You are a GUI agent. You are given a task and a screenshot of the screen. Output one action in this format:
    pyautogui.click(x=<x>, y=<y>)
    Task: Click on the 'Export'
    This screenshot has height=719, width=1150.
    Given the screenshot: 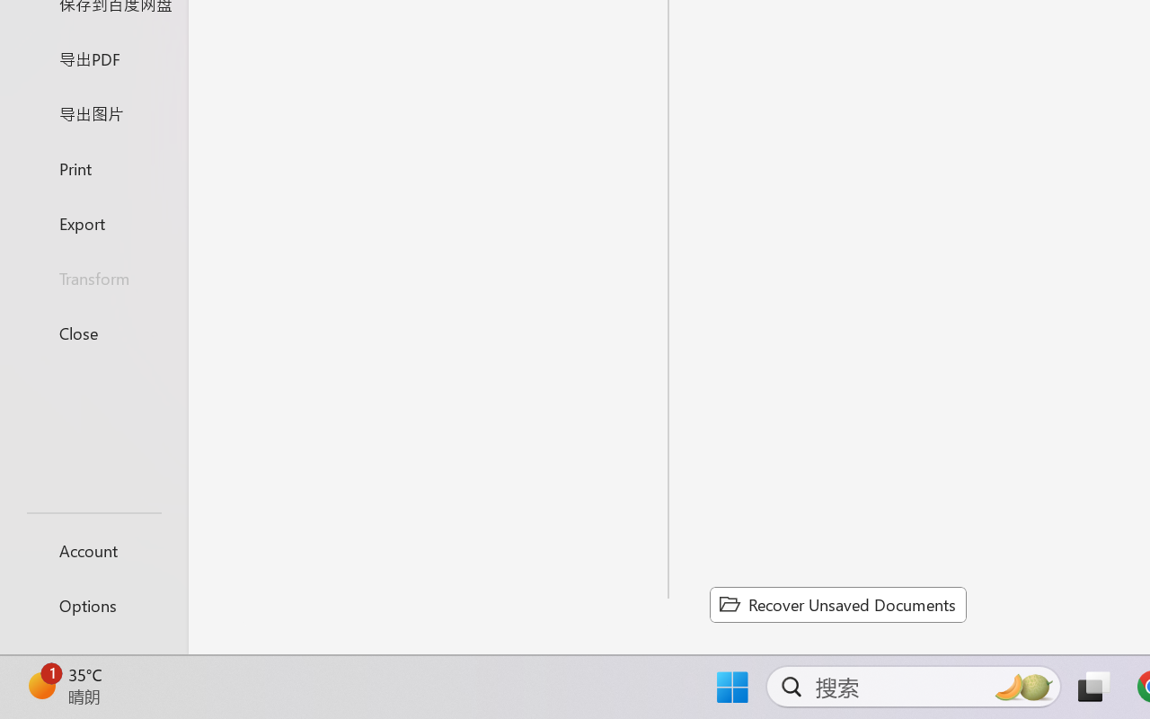 What is the action you would take?
    pyautogui.click(x=93, y=222)
    